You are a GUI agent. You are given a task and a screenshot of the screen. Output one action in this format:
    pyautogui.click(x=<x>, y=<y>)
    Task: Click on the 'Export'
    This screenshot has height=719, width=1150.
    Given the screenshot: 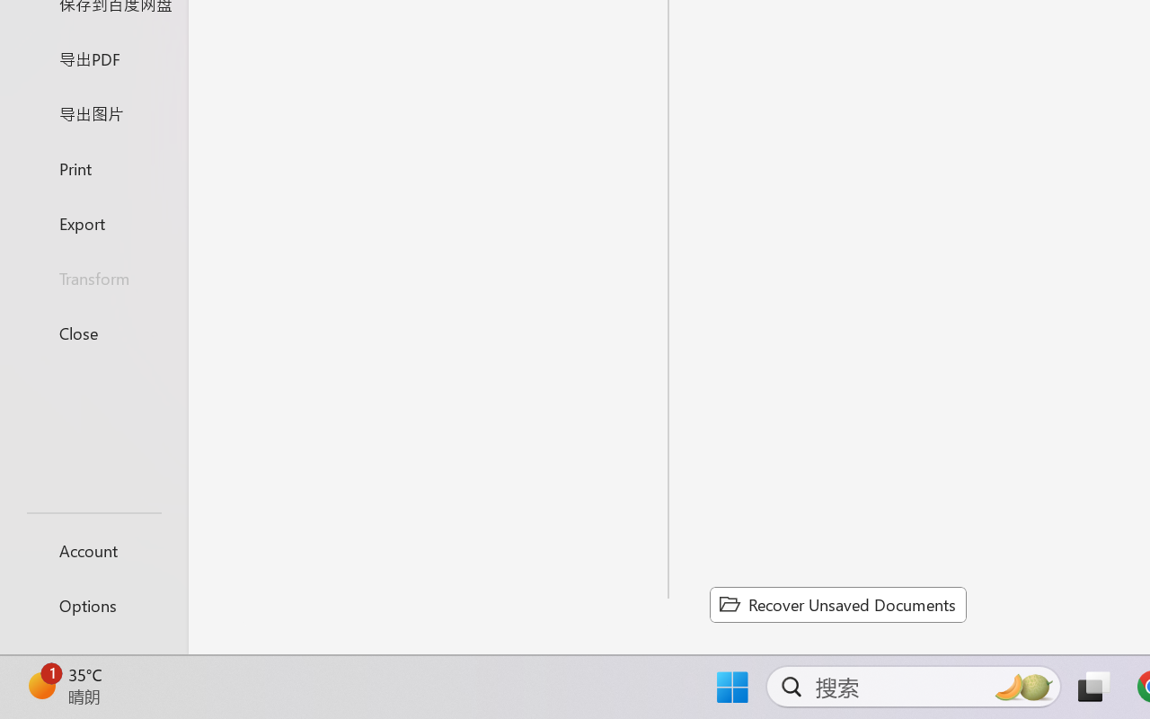 What is the action you would take?
    pyautogui.click(x=93, y=222)
    